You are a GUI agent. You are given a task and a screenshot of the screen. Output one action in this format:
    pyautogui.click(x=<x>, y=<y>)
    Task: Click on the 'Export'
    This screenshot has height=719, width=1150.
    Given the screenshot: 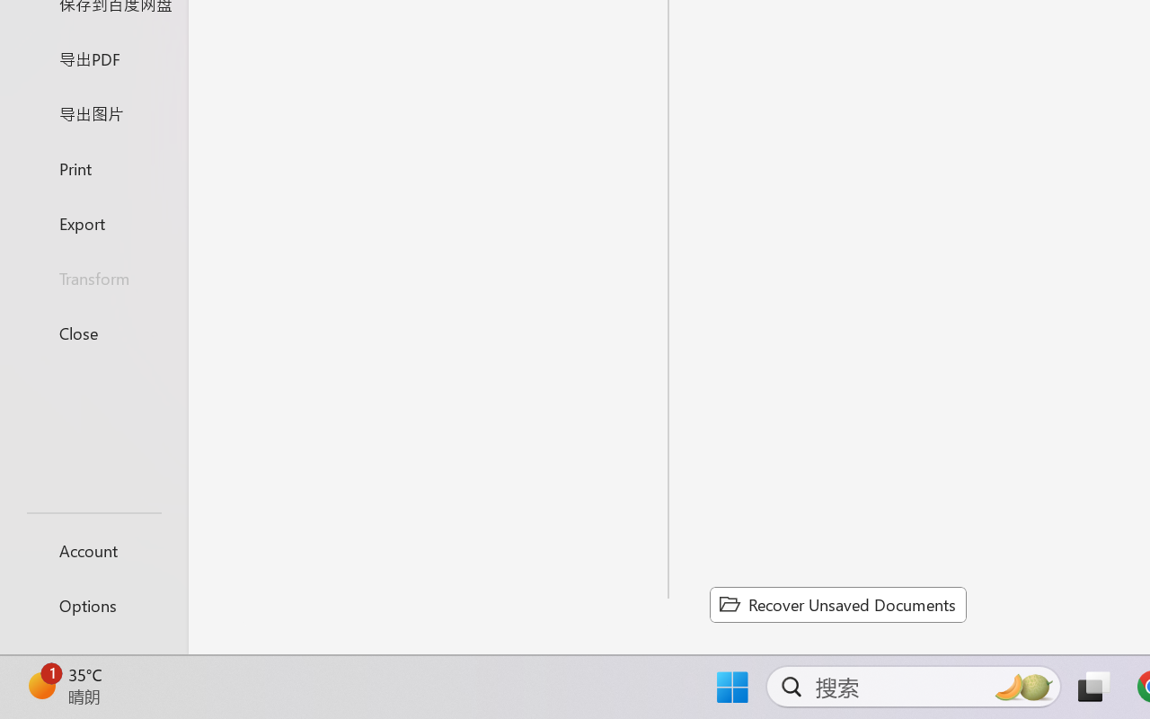 What is the action you would take?
    pyautogui.click(x=93, y=222)
    